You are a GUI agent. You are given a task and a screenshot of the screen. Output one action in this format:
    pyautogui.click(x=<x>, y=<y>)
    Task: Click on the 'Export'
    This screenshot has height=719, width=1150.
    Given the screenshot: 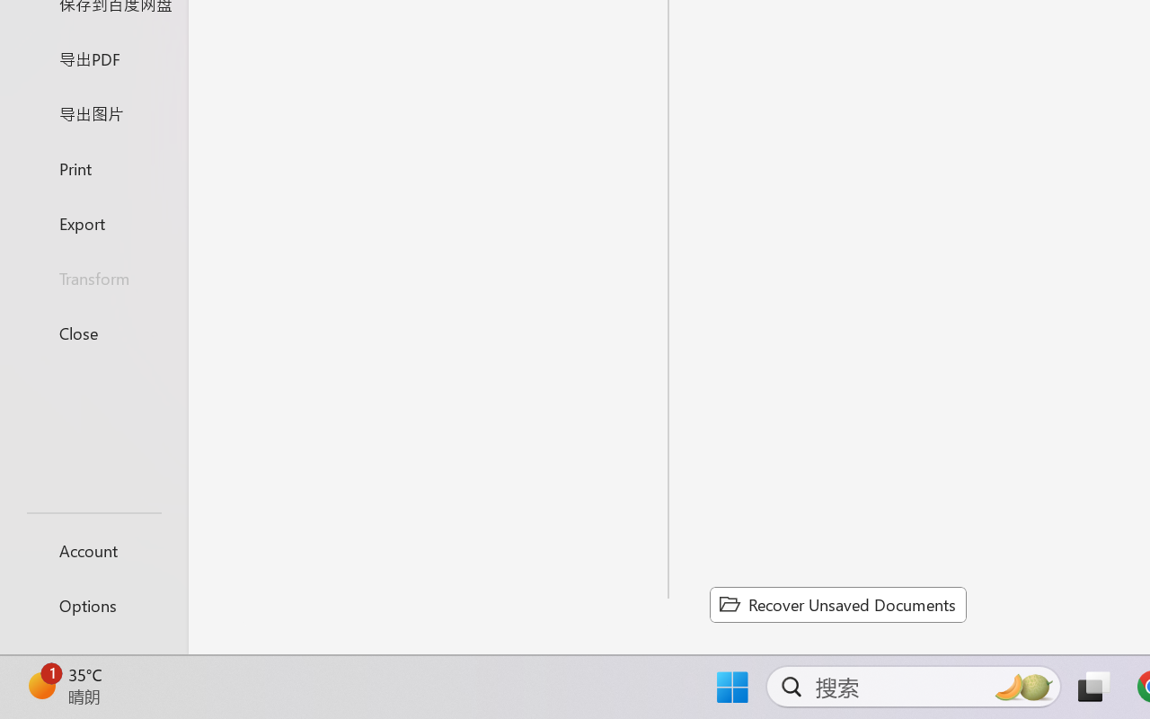 What is the action you would take?
    pyautogui.click(x=93, y=222)
    